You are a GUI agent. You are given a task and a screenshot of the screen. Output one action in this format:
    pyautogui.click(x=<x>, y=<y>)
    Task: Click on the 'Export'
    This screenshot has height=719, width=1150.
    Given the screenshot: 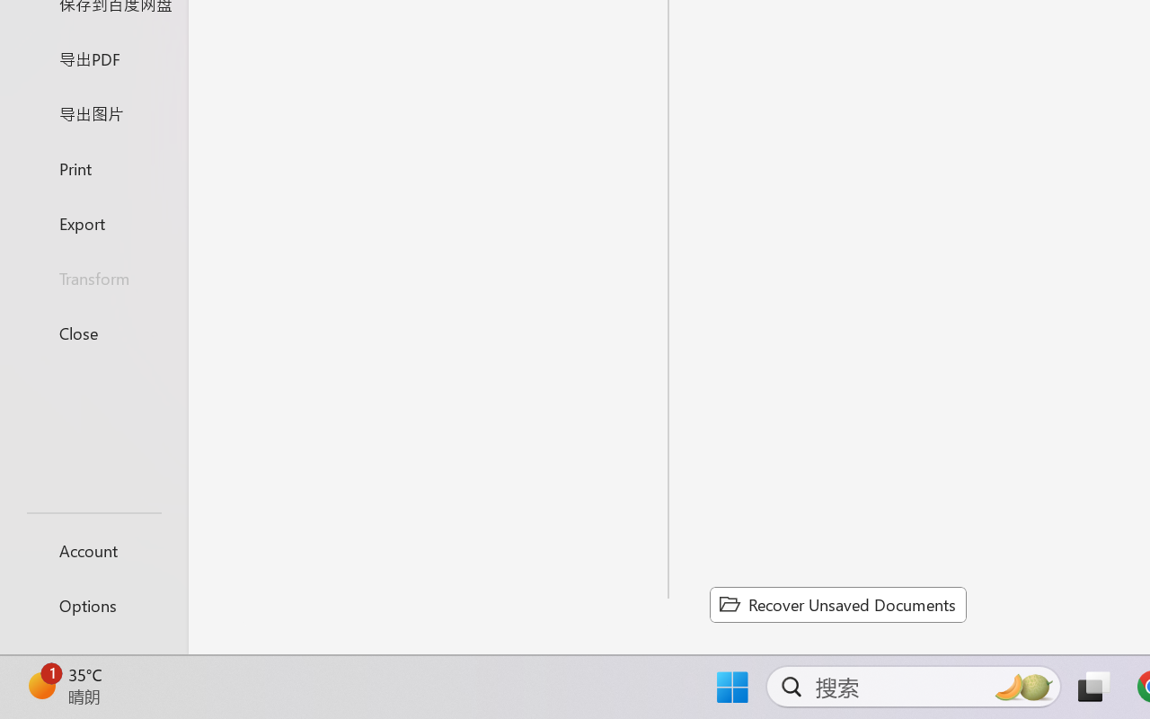 What is the action you would take?
    pyautogui.click(x=93, y=222)
    